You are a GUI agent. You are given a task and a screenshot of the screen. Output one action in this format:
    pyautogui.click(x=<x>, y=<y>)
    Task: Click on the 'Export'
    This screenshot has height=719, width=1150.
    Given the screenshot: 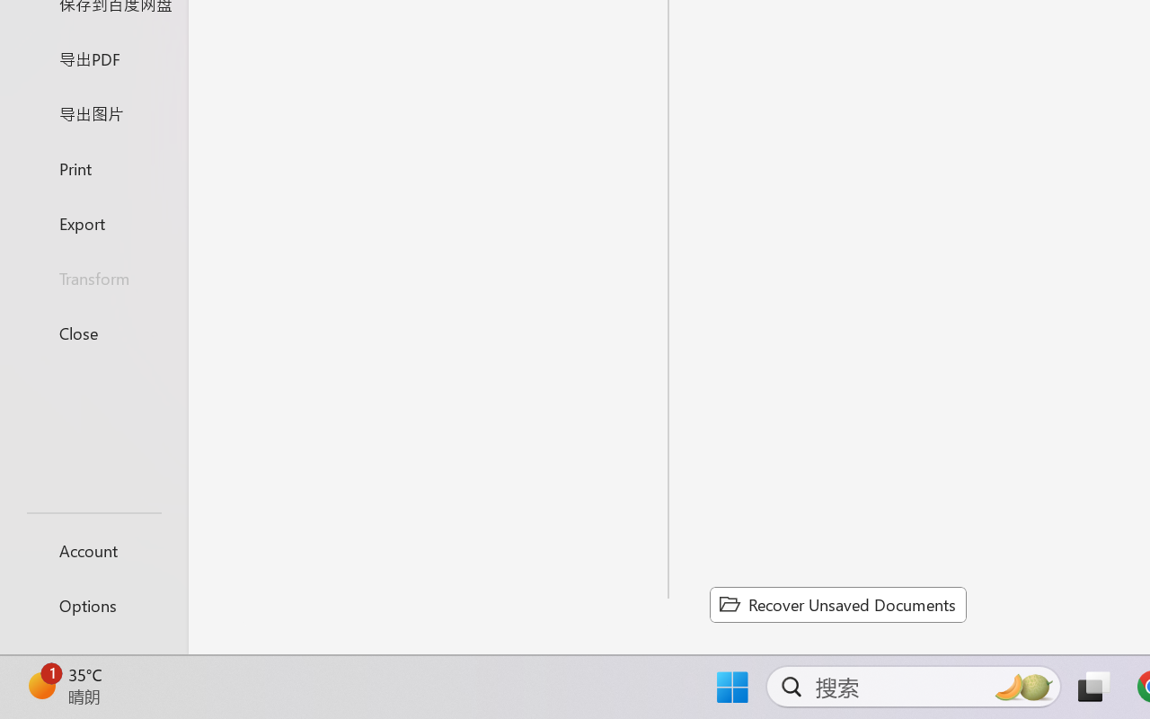 What is the action you would take?
    pyautogui.click(x=93, y=222)
    